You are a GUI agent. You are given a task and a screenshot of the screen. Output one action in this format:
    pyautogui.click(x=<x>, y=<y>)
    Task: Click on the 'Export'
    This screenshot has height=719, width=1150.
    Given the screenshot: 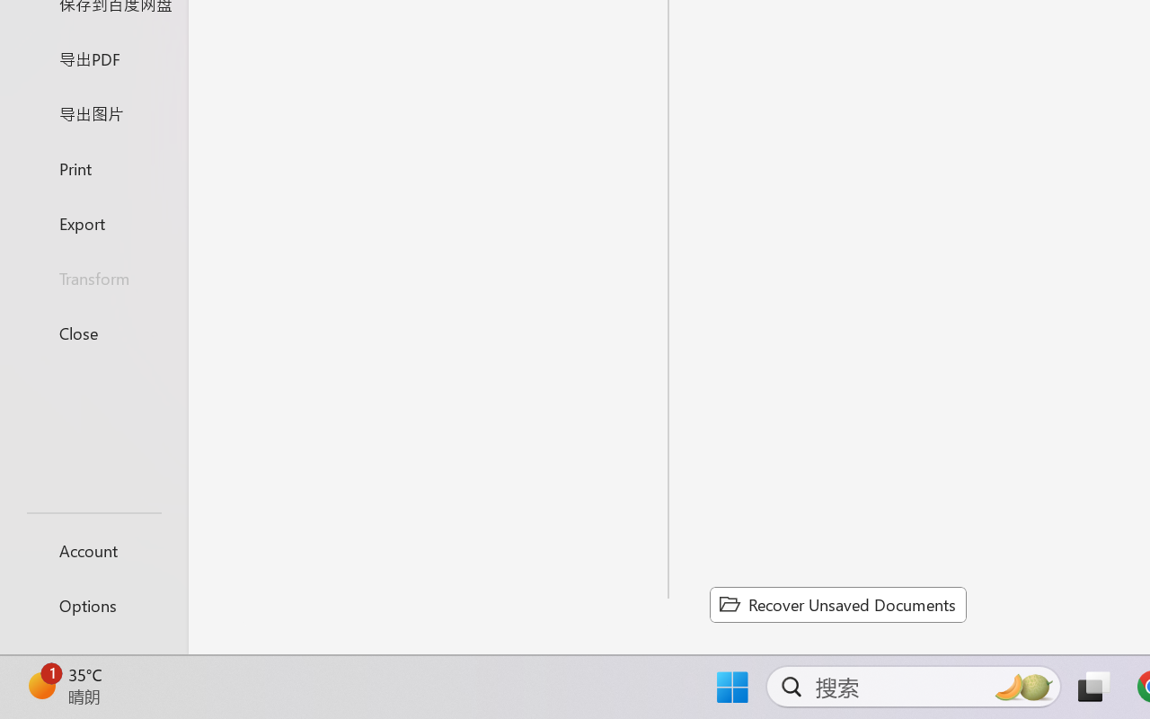 What is the action you would take?
    pyautogui.click(x=93, y=222)
    